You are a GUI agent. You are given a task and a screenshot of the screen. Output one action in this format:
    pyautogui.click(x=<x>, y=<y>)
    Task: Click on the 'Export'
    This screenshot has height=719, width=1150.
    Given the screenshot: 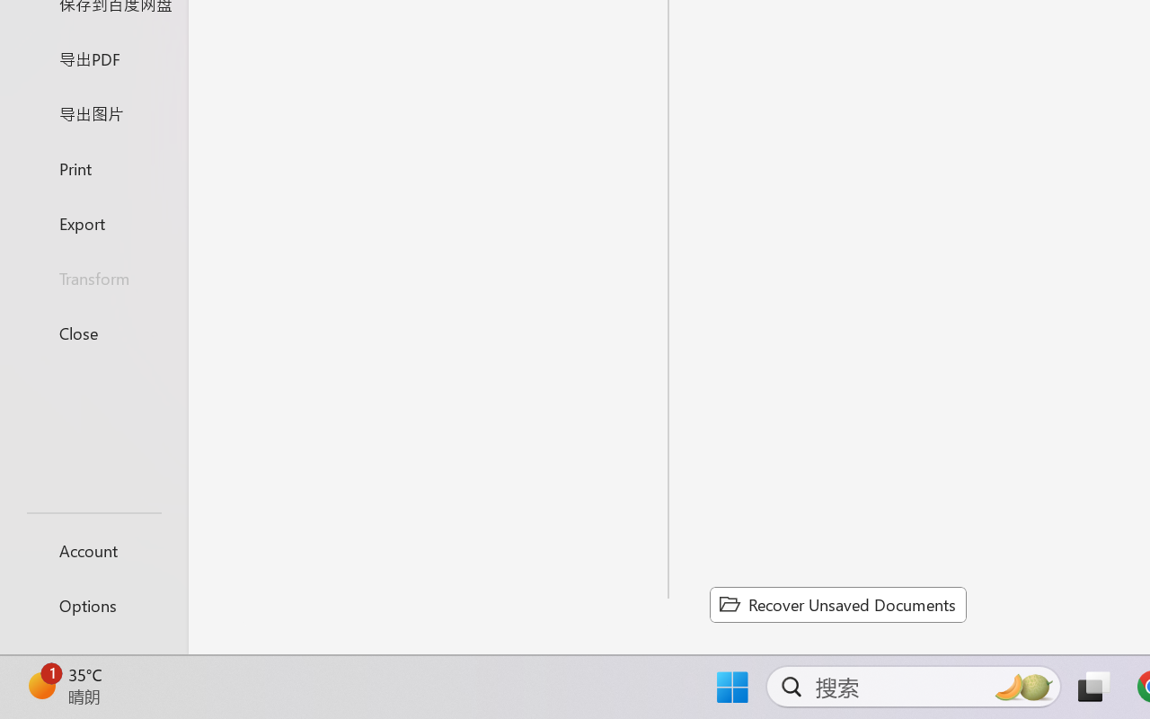 What is the action you would take?
    pyautogui.click(x=93, y=222)
    